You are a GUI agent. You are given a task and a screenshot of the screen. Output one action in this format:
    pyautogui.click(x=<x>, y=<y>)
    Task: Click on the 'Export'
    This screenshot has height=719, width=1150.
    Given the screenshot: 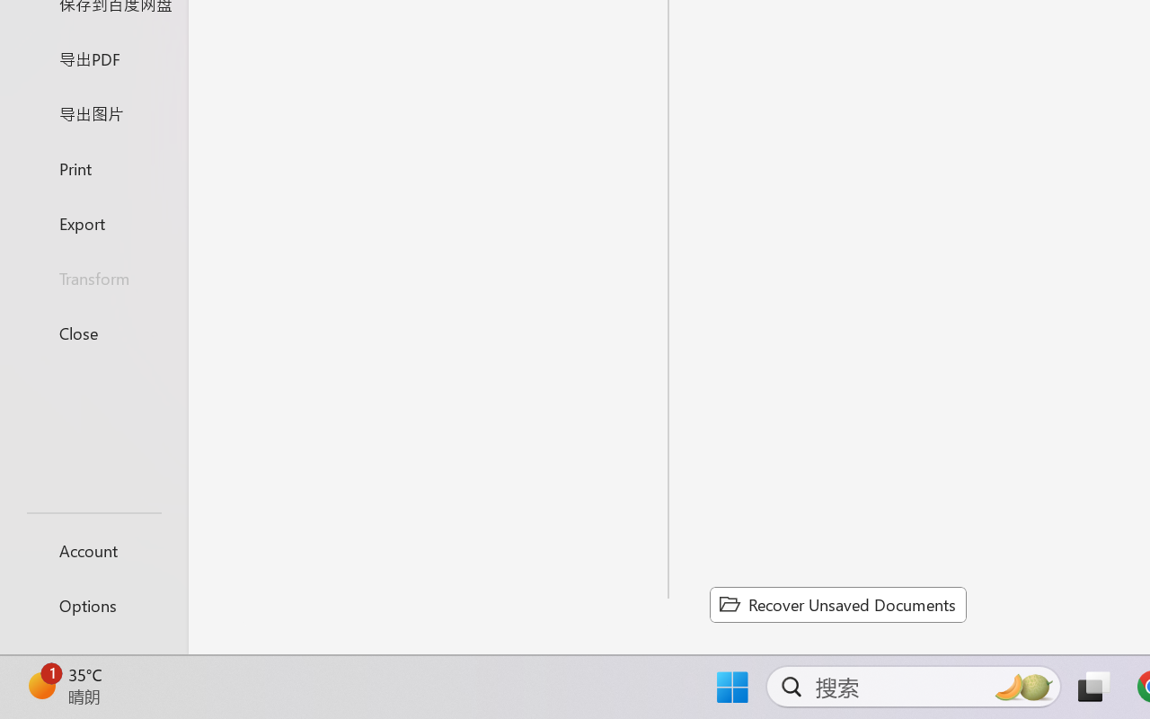 What is the action you would take?
    pyautogui.click(x=93, y=222)
    